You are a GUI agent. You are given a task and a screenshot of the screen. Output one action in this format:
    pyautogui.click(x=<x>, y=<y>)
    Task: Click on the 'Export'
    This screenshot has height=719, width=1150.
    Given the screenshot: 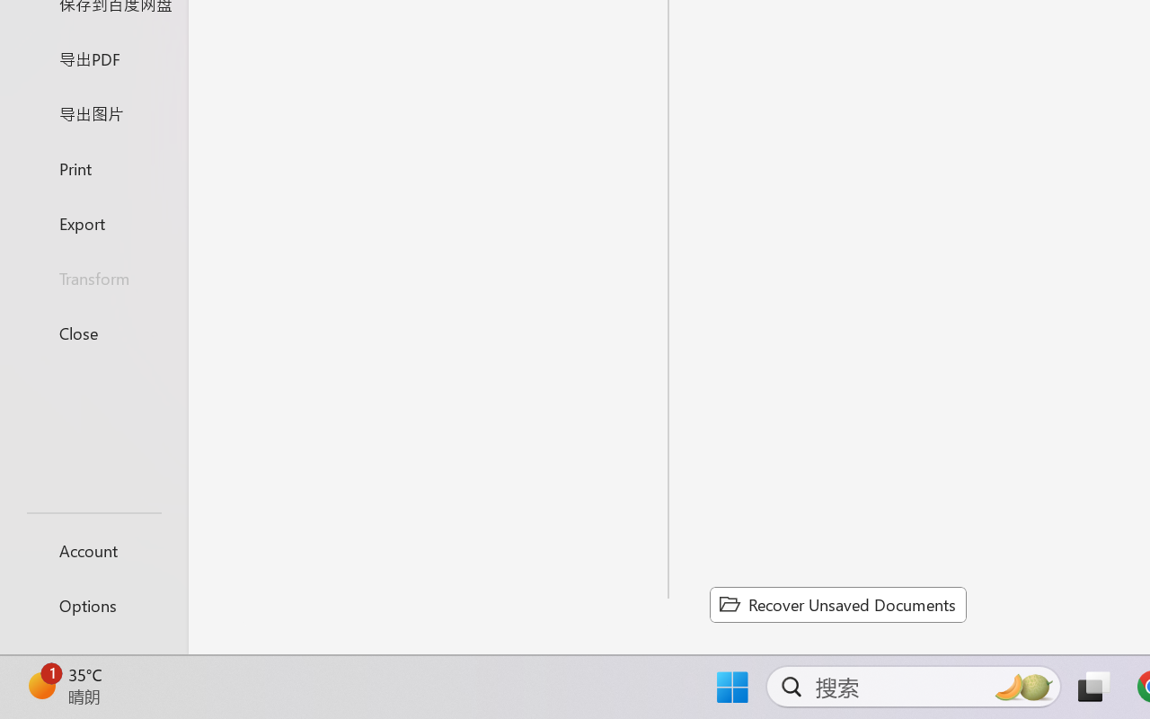 What is the action you would take?
    pyautogui.click(x=93, y=222)
    